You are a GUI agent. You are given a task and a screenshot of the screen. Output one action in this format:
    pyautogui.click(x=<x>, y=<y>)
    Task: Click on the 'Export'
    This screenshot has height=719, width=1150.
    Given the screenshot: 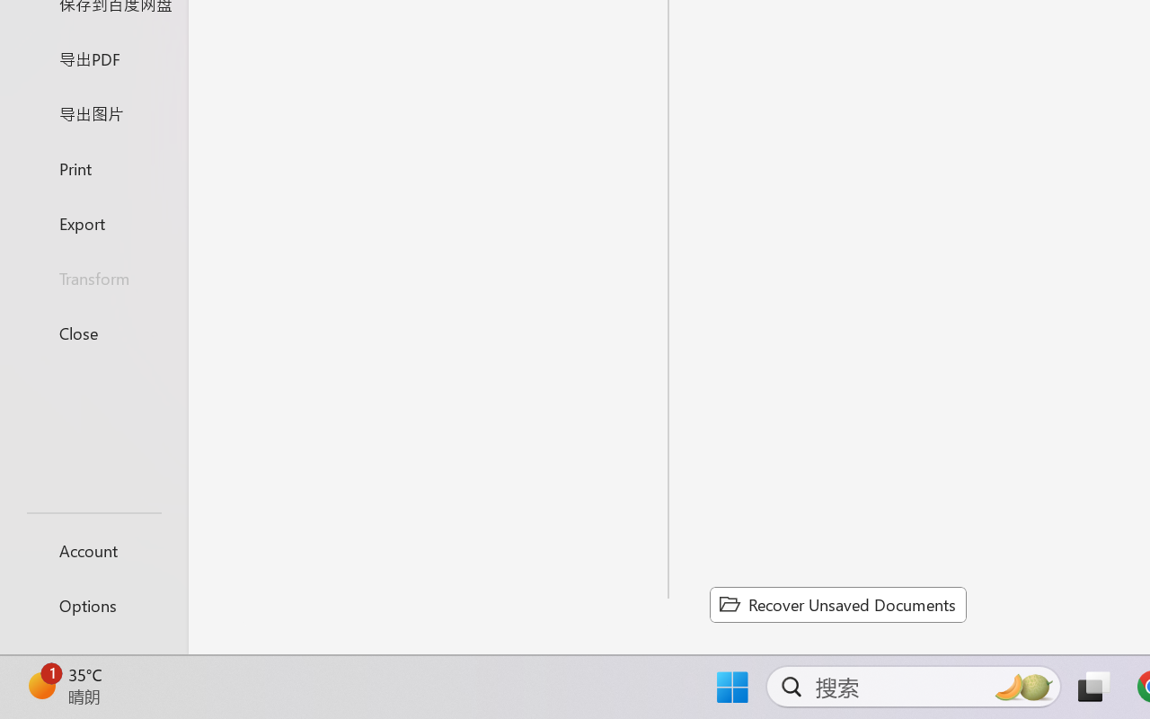 What is the action you would take?
    pyautogui.click(x=93, y=222)
    